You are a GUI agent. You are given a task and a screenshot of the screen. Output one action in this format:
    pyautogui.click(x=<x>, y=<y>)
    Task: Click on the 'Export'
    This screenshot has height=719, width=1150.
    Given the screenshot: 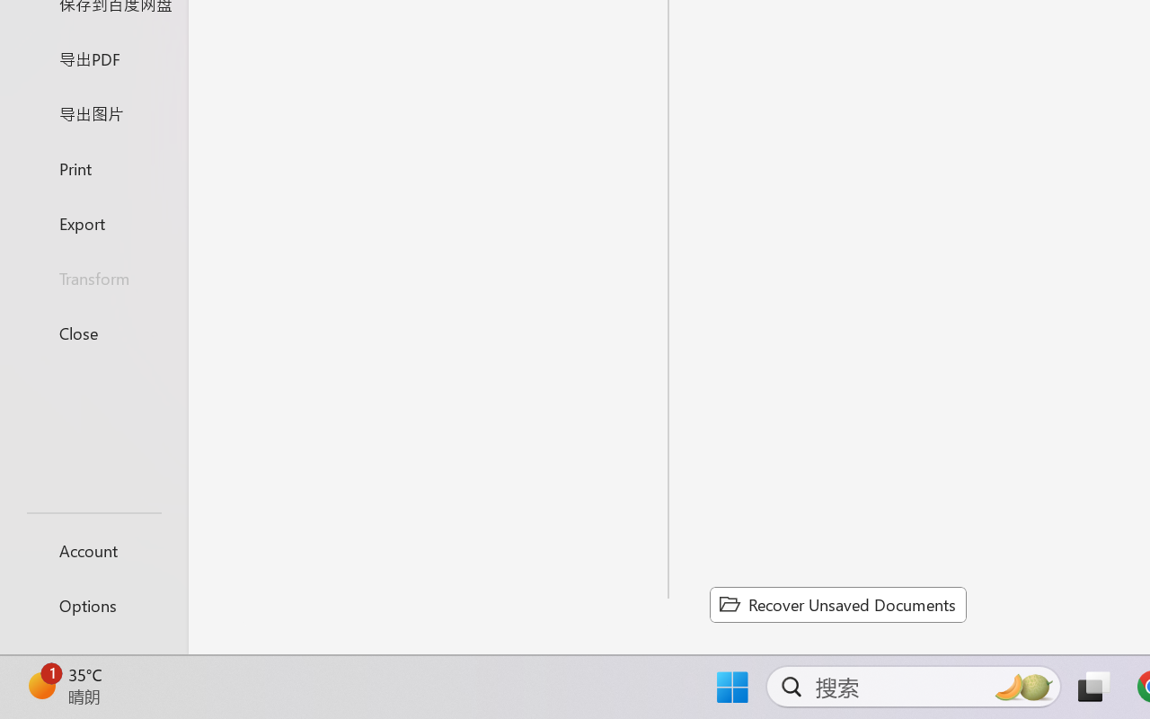 What is the action you would take?
    pyautogui.click(x=93, y=222)
    